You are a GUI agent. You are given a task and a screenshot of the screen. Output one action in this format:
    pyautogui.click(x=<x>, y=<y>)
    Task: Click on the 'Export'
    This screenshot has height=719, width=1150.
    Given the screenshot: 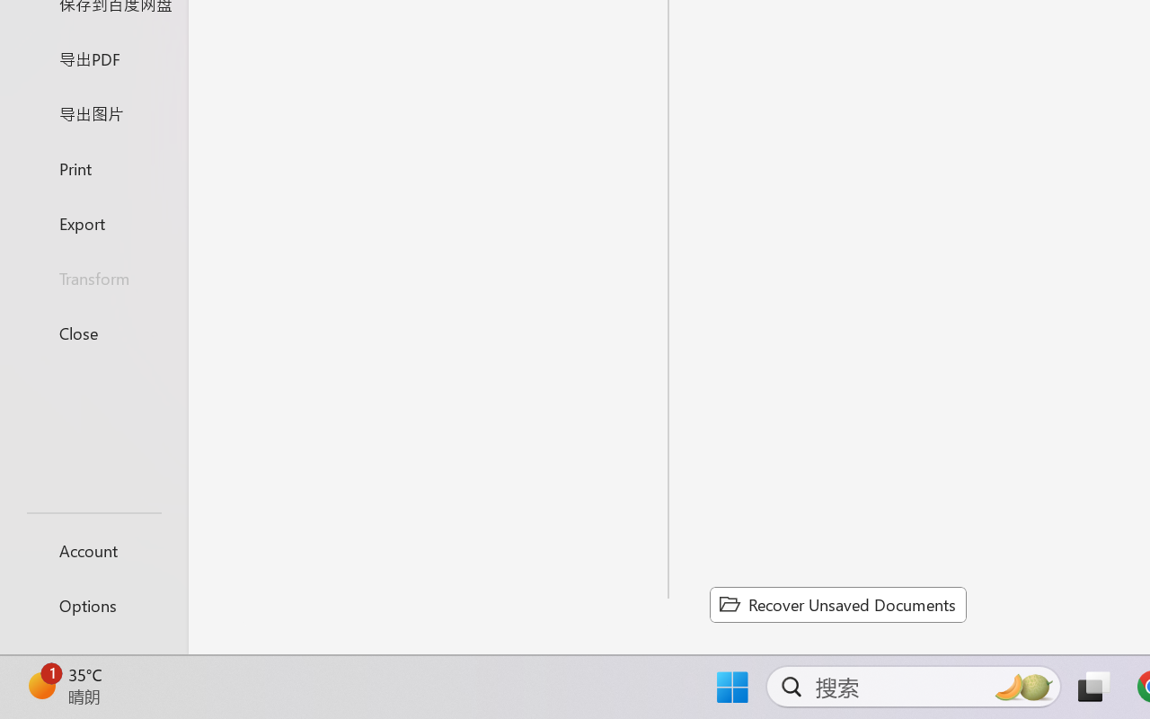 What is the action you would take?
    pyautogui.click(x=93, y=222)
    